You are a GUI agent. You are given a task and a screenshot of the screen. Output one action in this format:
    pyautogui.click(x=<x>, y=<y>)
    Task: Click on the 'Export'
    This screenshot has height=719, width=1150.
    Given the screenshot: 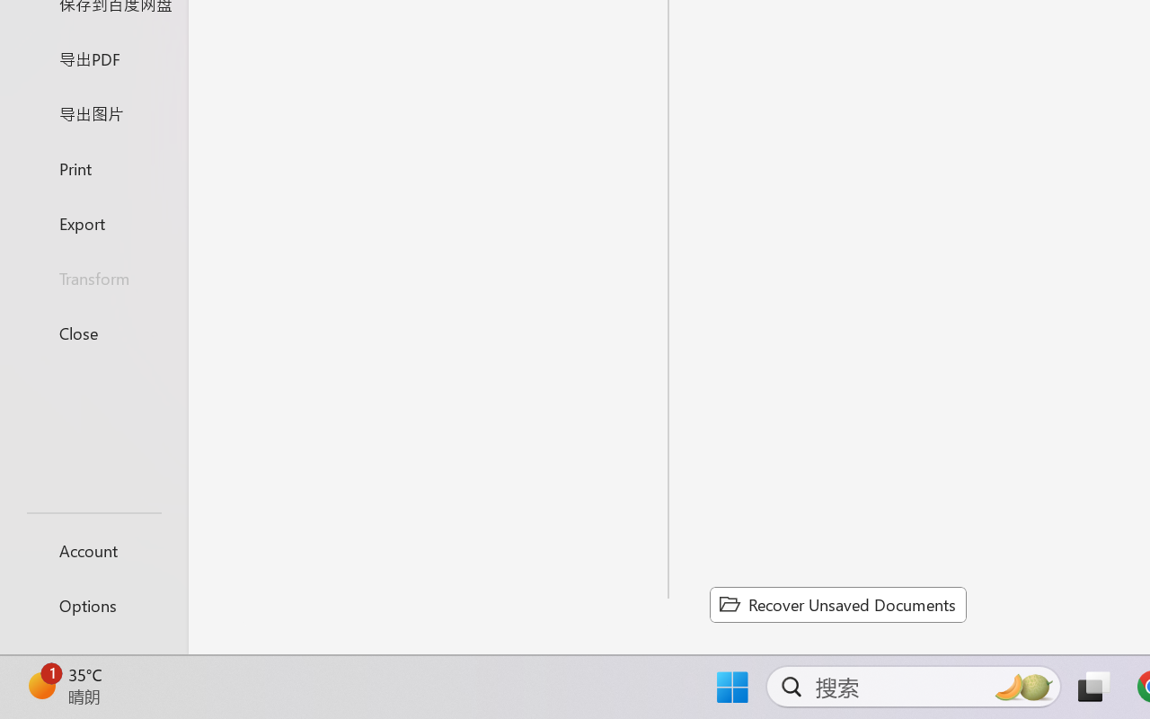 What is the action you would take?
    pyautogui.click(x=93, y=222)
    